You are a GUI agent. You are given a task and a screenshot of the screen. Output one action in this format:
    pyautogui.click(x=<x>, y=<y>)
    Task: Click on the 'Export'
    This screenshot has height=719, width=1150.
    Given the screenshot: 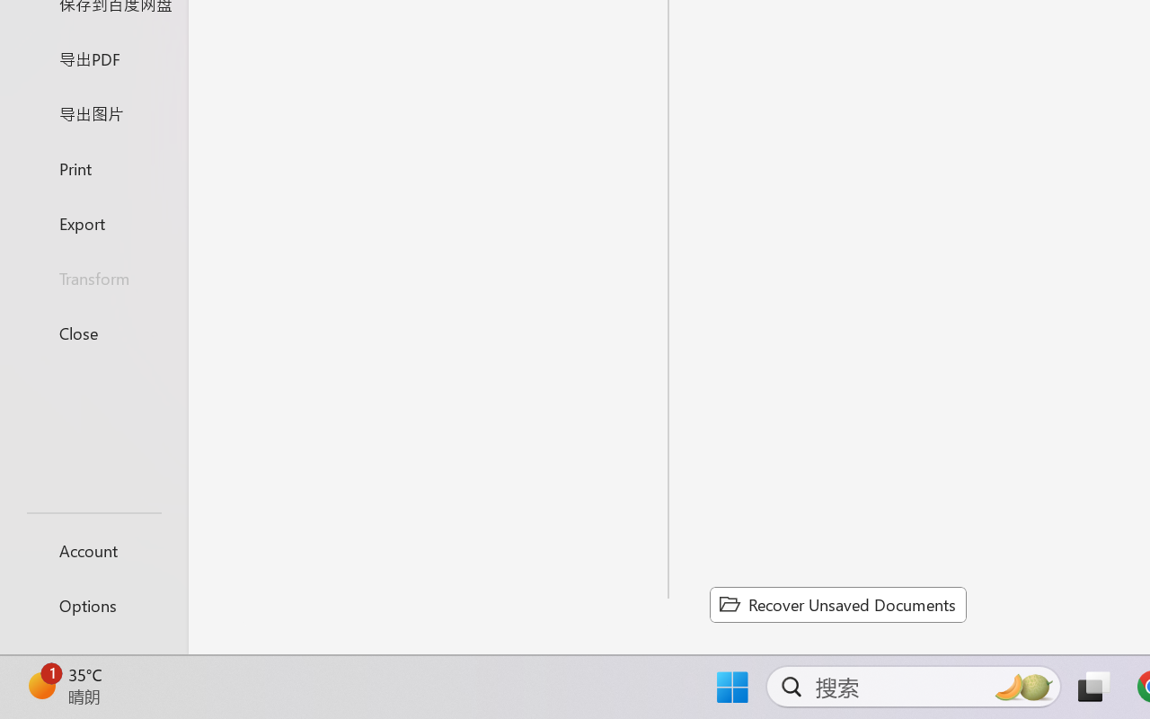 What is the action you would take?
    pyautogui.click(x=93, y=222)
    